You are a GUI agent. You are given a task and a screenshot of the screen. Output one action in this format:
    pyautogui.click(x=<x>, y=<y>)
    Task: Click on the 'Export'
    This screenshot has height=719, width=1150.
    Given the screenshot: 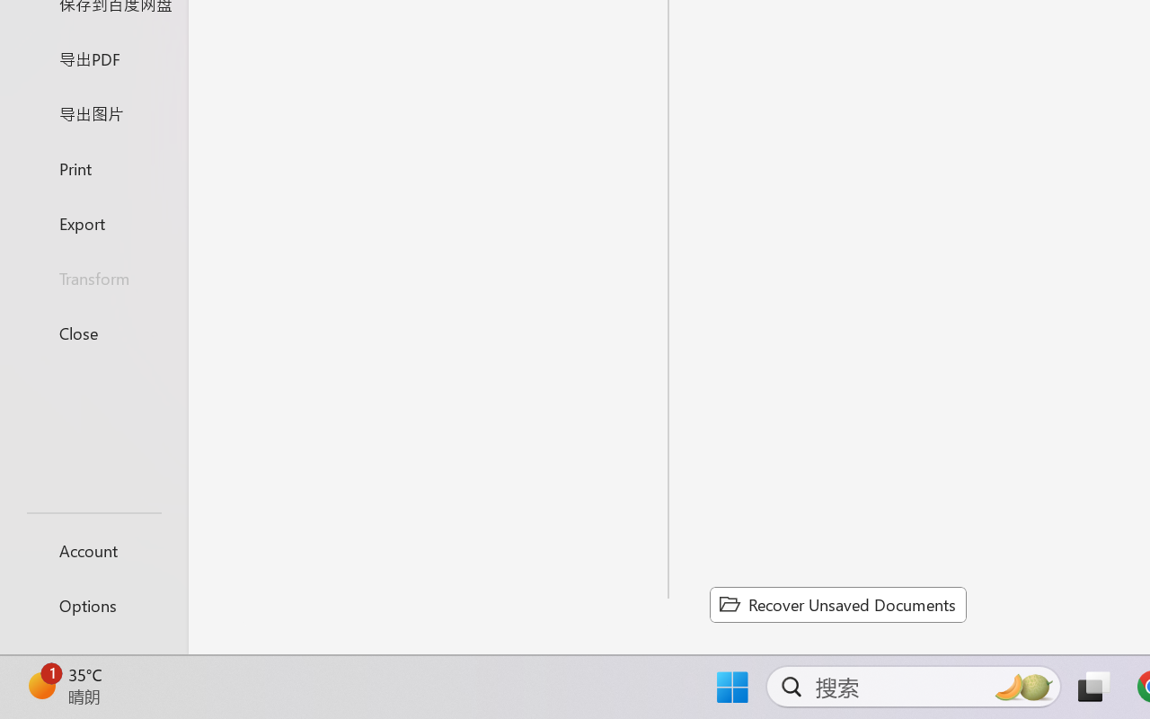 What is the action you would take?
    pyautogui.click(x=93, y=222)
    